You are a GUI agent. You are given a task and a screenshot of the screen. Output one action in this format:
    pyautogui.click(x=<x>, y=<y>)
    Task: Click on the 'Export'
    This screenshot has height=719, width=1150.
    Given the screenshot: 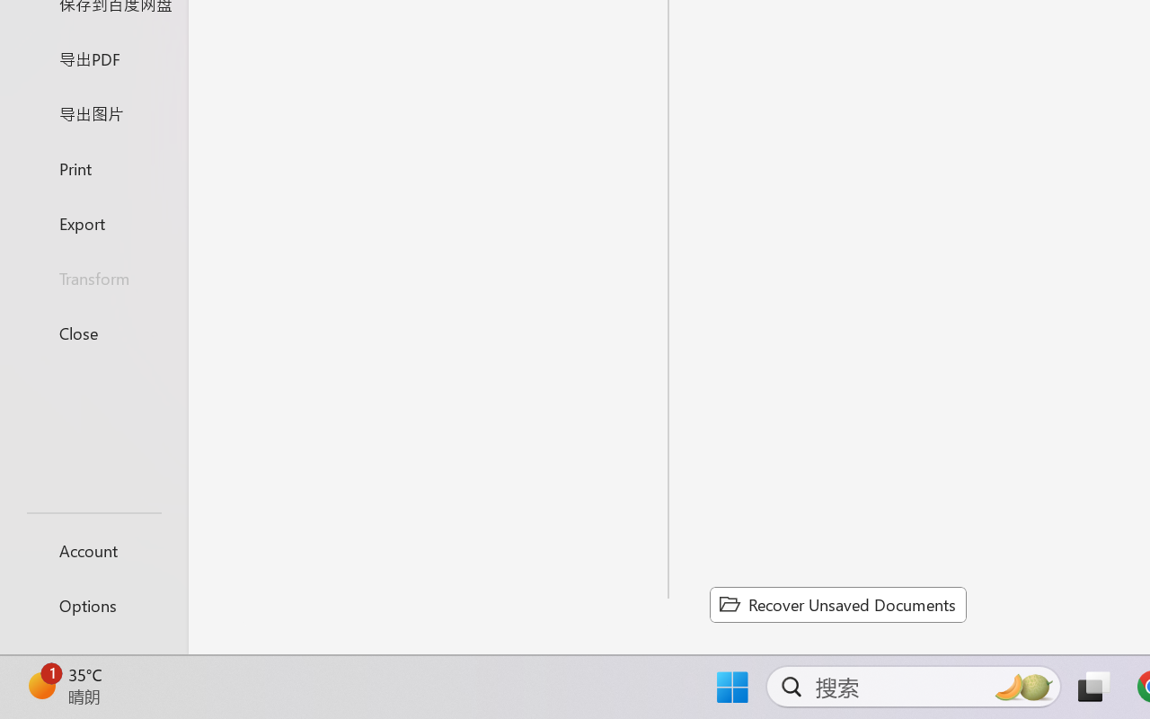 What is the action you would take?
    pyautogui.click(x=93, y=222)
    